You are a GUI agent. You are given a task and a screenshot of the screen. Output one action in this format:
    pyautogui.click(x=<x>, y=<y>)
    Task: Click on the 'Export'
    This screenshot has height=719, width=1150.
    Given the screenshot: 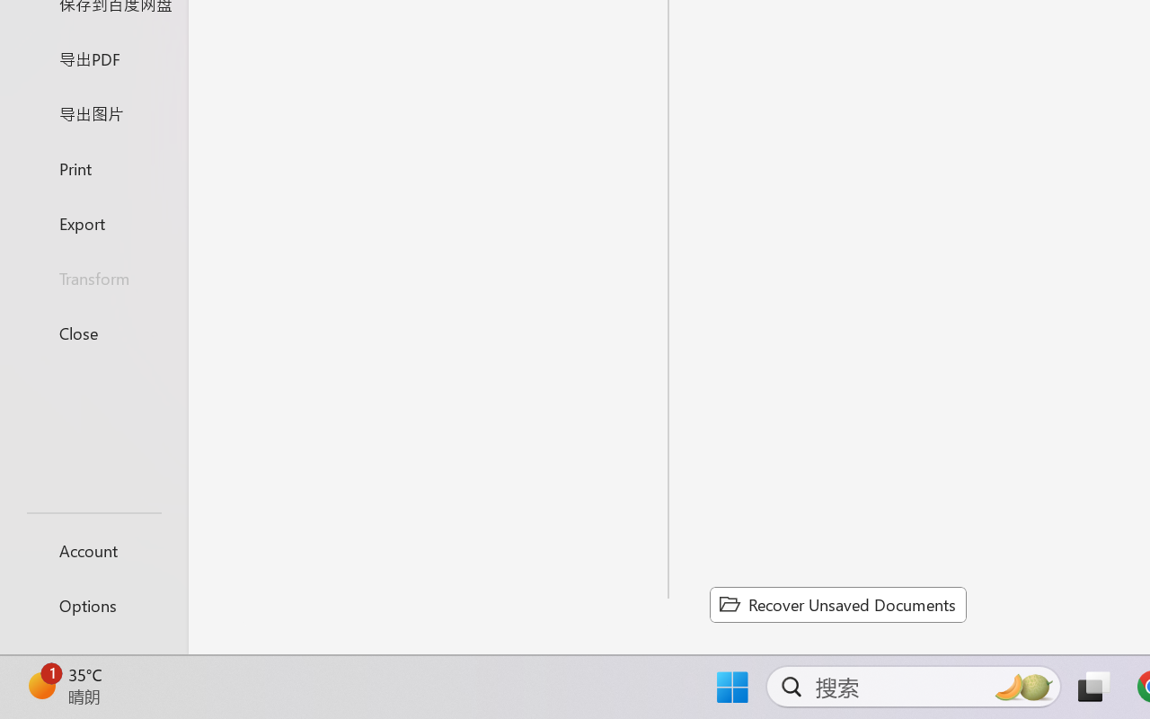 What is the action you would take?
    pyautogui.click(x=93, y=222)
    